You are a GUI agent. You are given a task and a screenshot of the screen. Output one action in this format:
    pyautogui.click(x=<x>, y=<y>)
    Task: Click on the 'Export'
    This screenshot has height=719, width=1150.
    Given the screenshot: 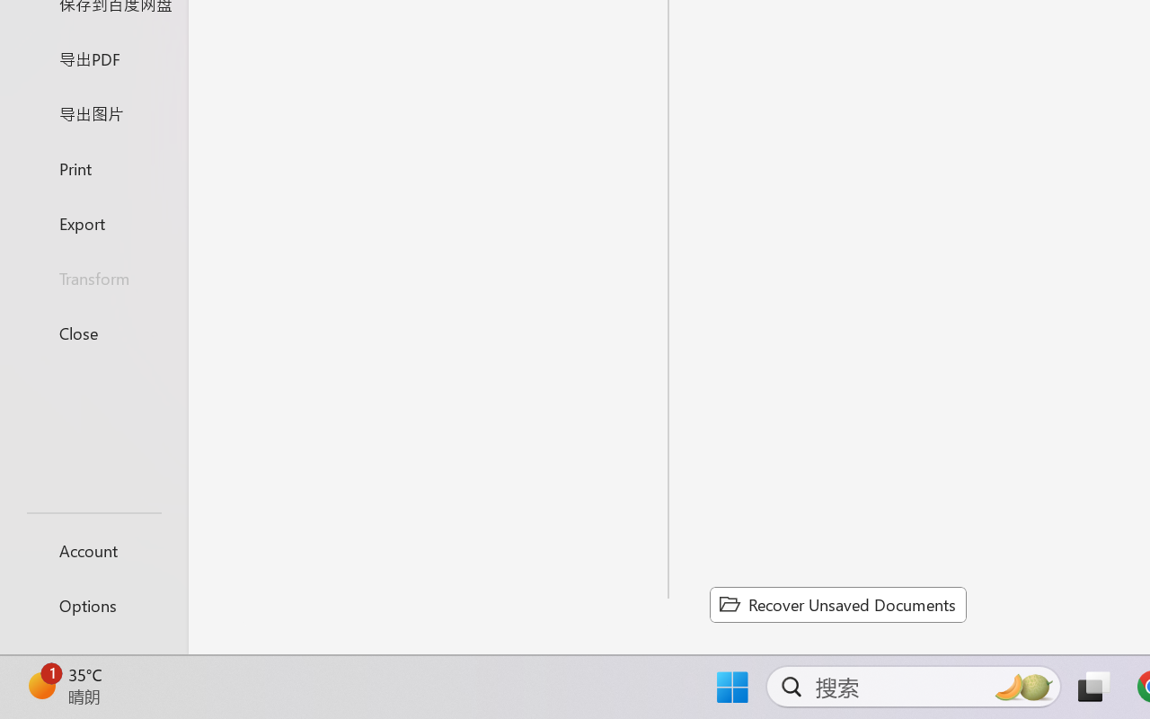 What is the action you would take?
    pyautogui.click(x=93, y=222)
    